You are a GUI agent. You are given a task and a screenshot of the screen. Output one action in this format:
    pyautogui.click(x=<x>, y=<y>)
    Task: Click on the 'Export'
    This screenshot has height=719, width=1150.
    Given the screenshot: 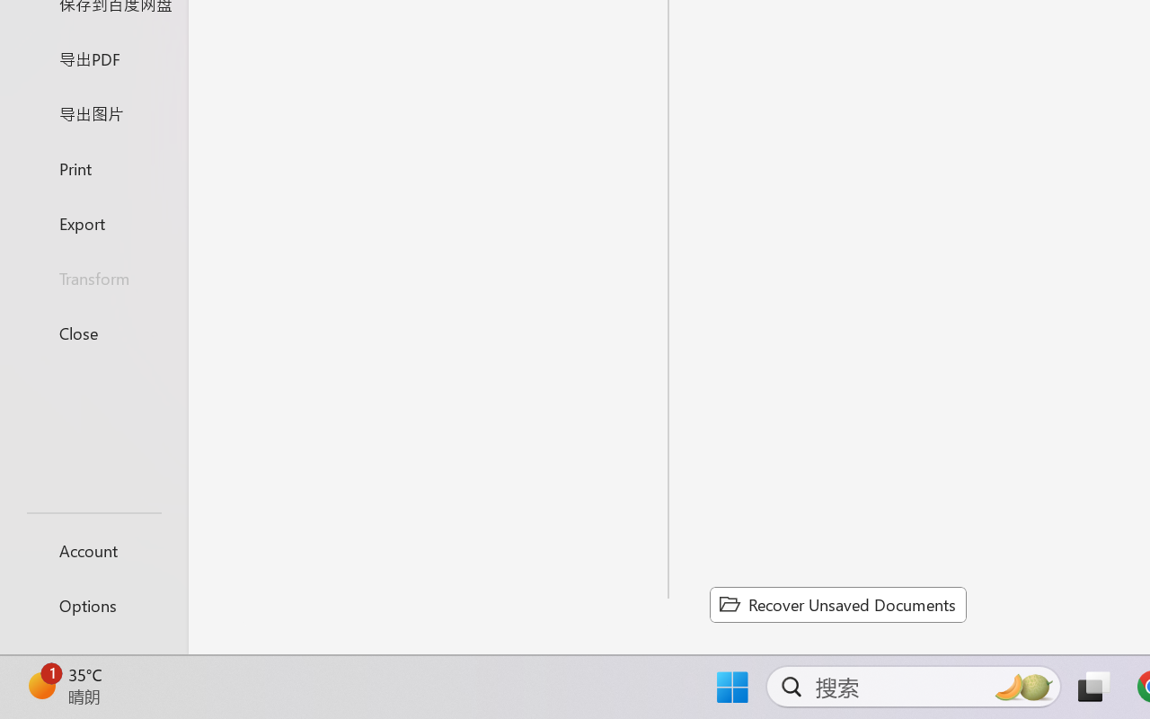 What is the action you would take?
    pyautogui.click(x=93, y=222)
    